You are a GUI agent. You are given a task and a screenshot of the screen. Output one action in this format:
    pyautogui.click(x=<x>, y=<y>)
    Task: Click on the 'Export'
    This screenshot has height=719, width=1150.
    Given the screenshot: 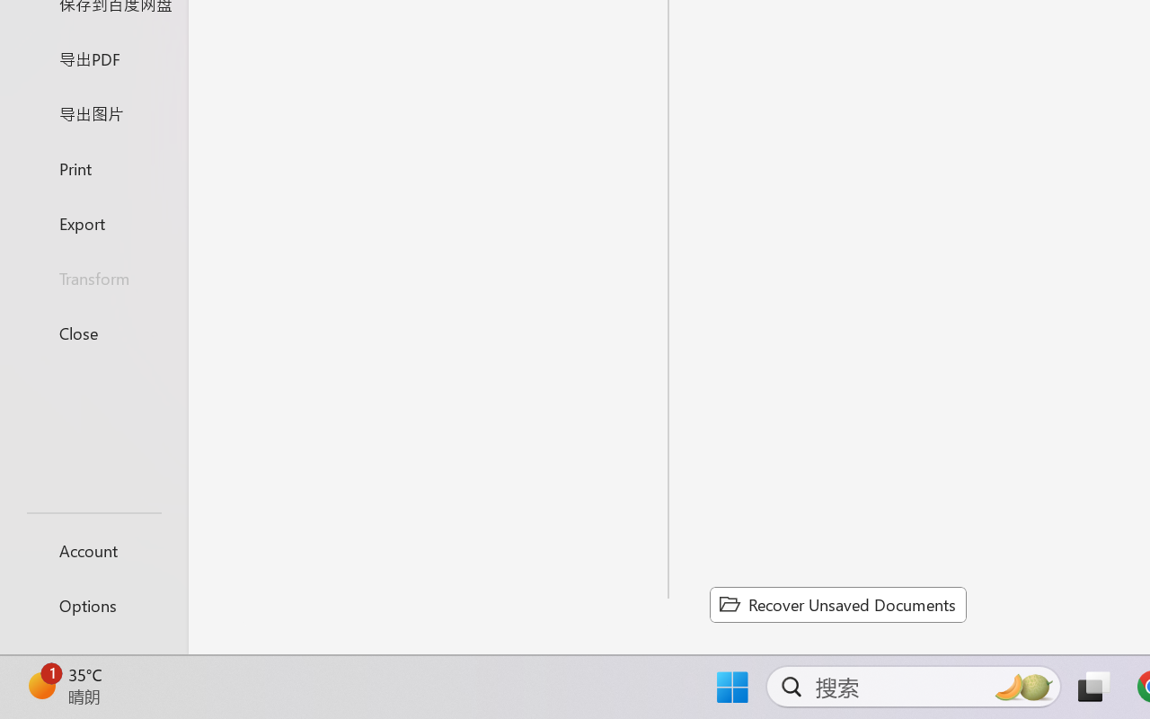 What is the action you would take?
    pyautogui.click(x=93, y=222)
    